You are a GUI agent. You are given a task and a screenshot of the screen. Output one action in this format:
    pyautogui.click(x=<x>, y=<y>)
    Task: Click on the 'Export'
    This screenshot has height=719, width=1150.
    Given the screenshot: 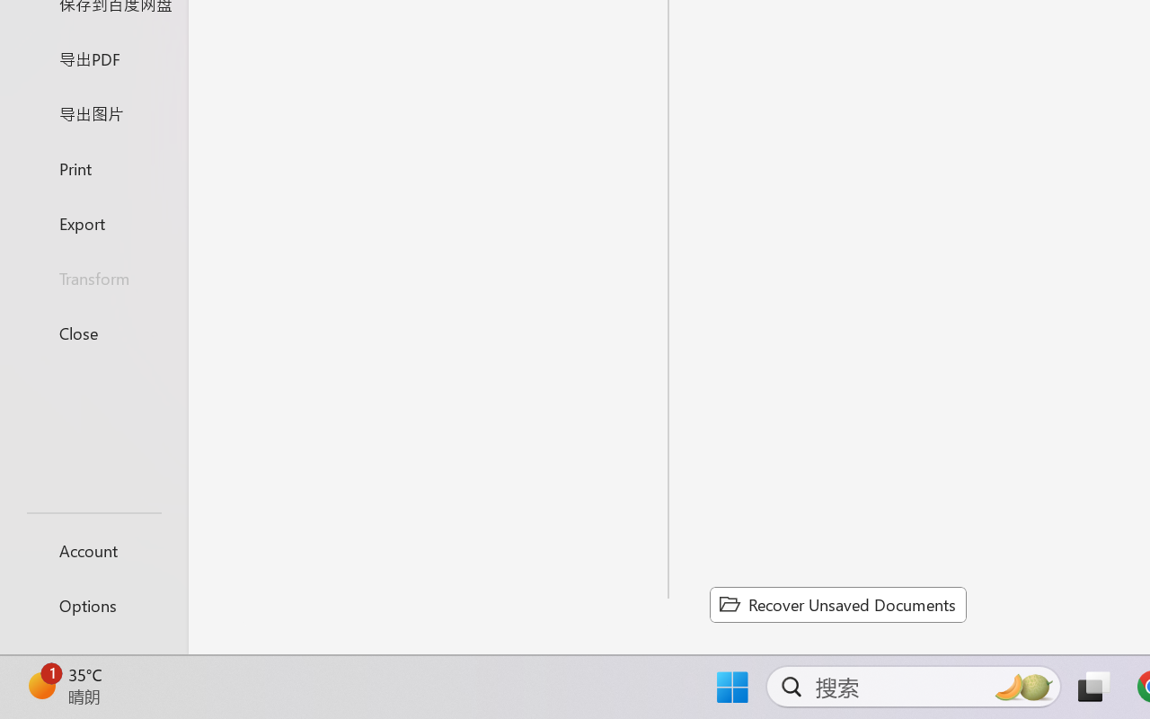 What is the action you would take?
    pyautogui.click(x=93, y=222)
    